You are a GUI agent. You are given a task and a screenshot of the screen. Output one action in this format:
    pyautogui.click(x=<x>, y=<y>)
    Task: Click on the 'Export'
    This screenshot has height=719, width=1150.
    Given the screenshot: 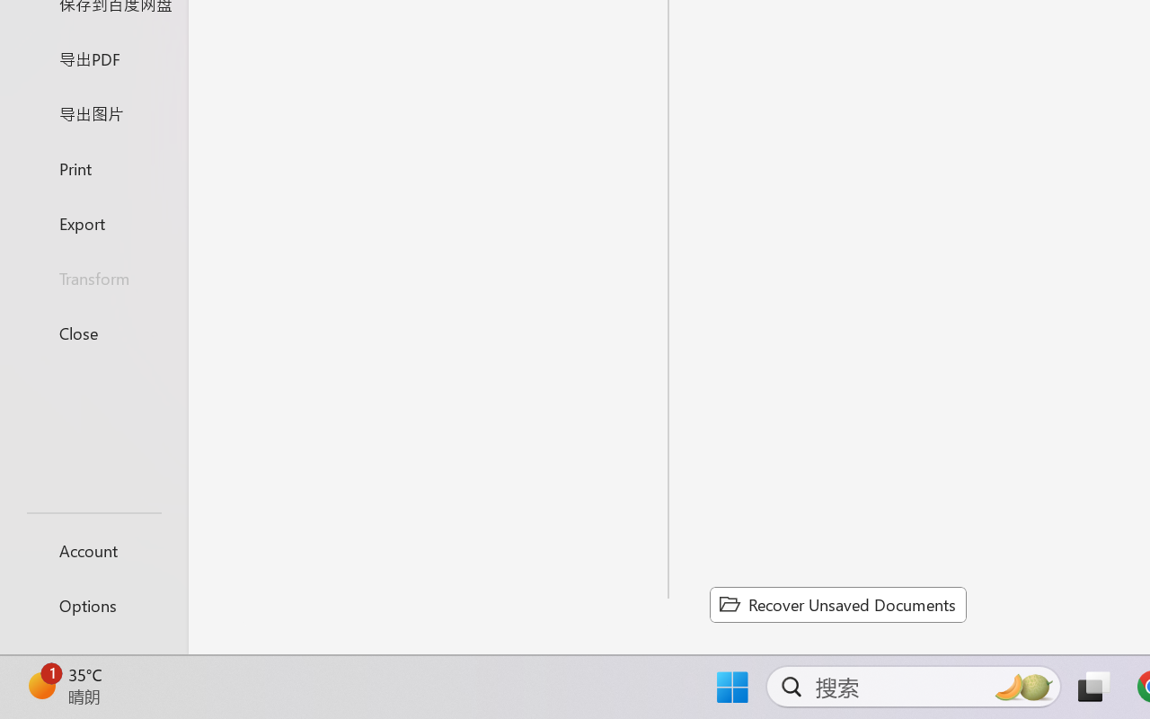 What is the action you would take?
    pyautogui.click(x=93, y=222)
    